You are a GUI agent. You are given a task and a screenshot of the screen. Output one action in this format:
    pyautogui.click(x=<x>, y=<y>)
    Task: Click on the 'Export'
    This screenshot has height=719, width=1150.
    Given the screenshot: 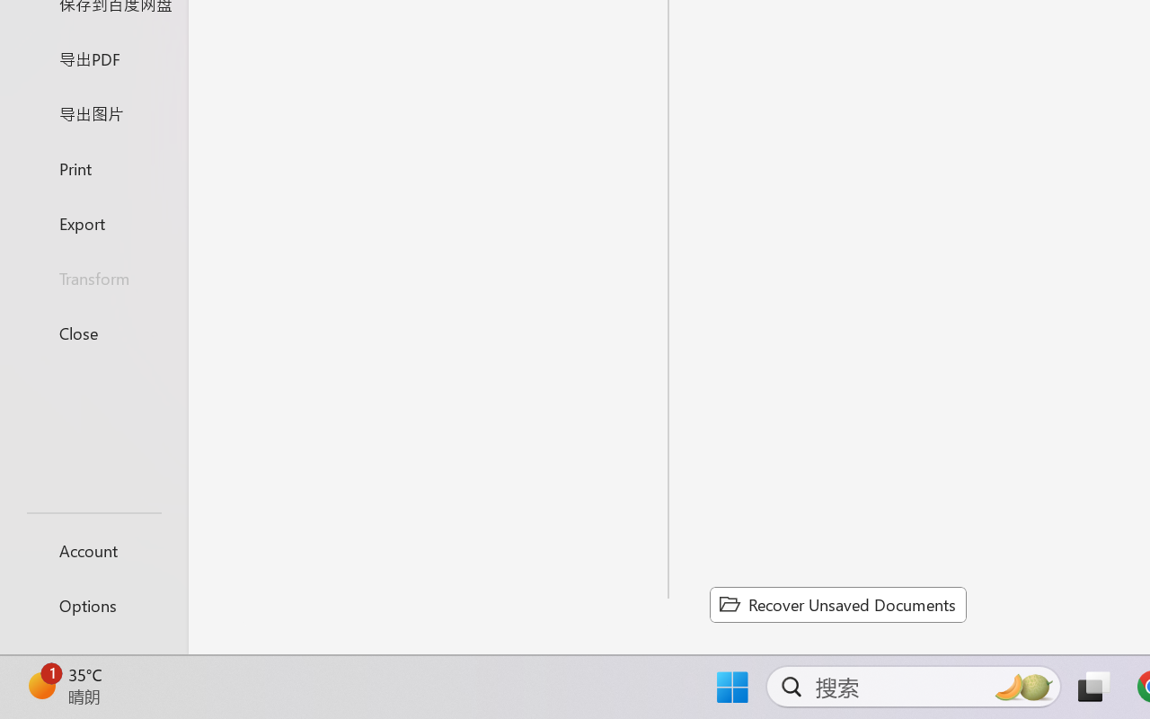 What is the action you would take?
    pyautogui.click(x=93, y=222)
    